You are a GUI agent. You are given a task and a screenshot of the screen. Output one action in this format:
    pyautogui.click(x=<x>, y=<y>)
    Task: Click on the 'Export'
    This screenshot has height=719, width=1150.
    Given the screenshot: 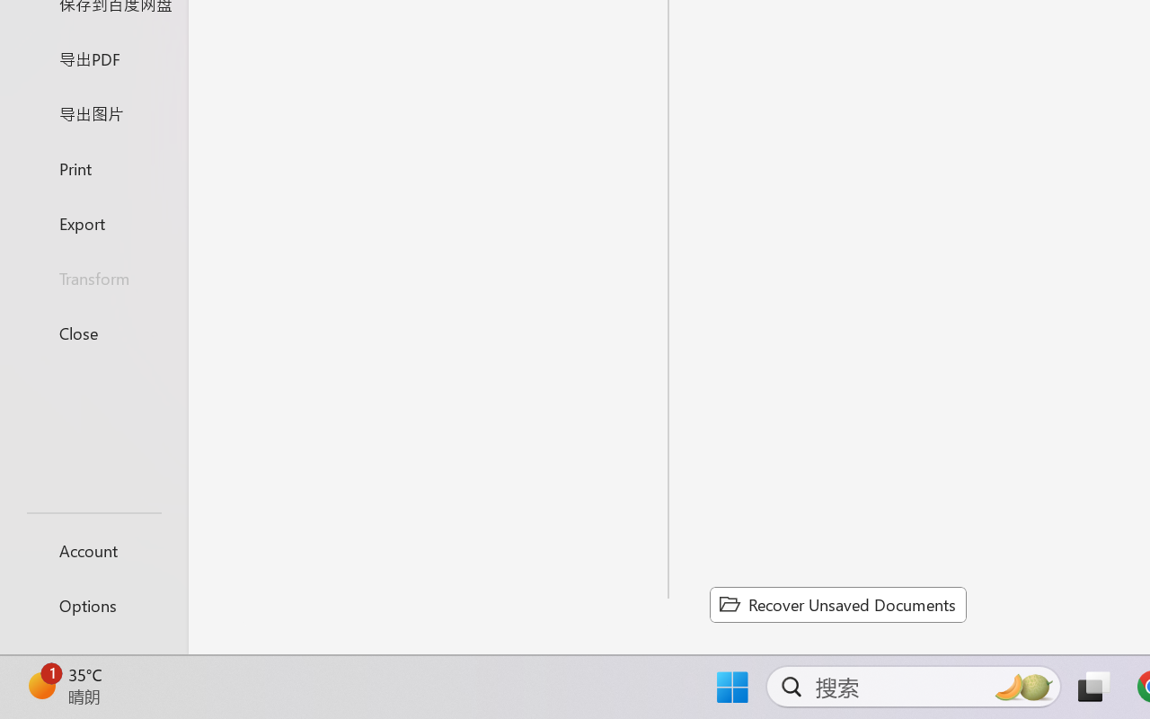 What is the action you would take?
    pyautogui.click(x=93, y=222)
    